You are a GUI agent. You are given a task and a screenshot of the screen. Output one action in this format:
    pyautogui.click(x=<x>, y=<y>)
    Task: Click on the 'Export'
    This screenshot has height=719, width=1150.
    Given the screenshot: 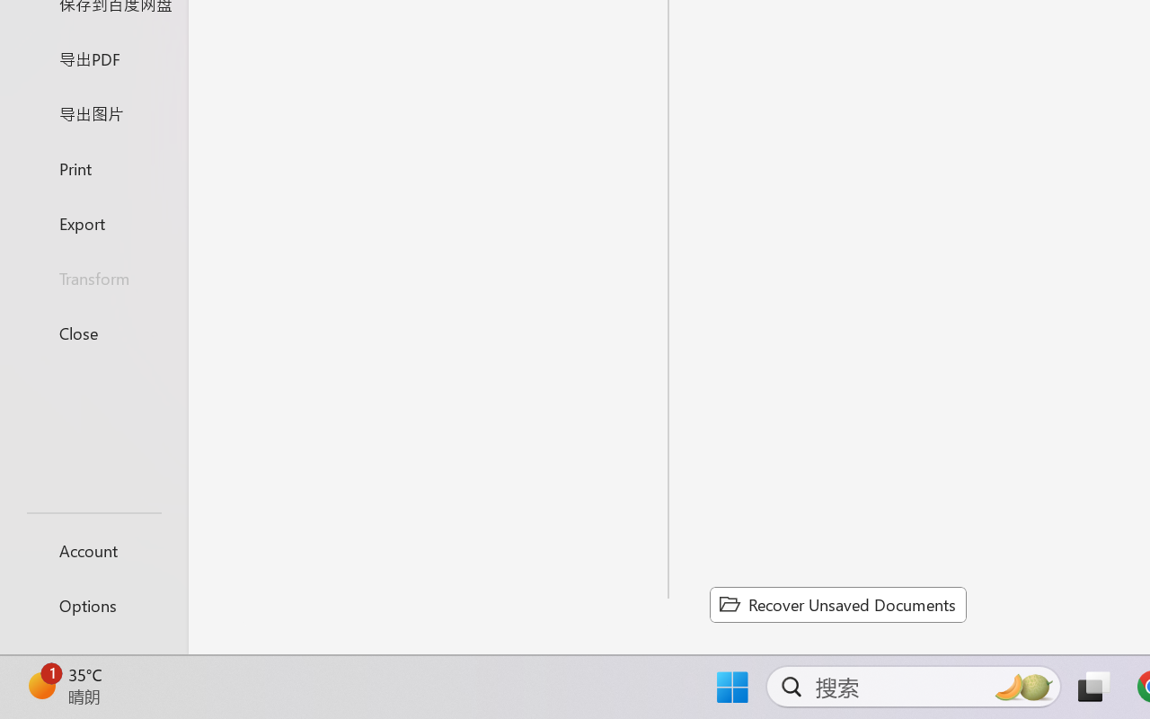 What is the action you would take?
    pyautogui.click(x=93, y=222)
    